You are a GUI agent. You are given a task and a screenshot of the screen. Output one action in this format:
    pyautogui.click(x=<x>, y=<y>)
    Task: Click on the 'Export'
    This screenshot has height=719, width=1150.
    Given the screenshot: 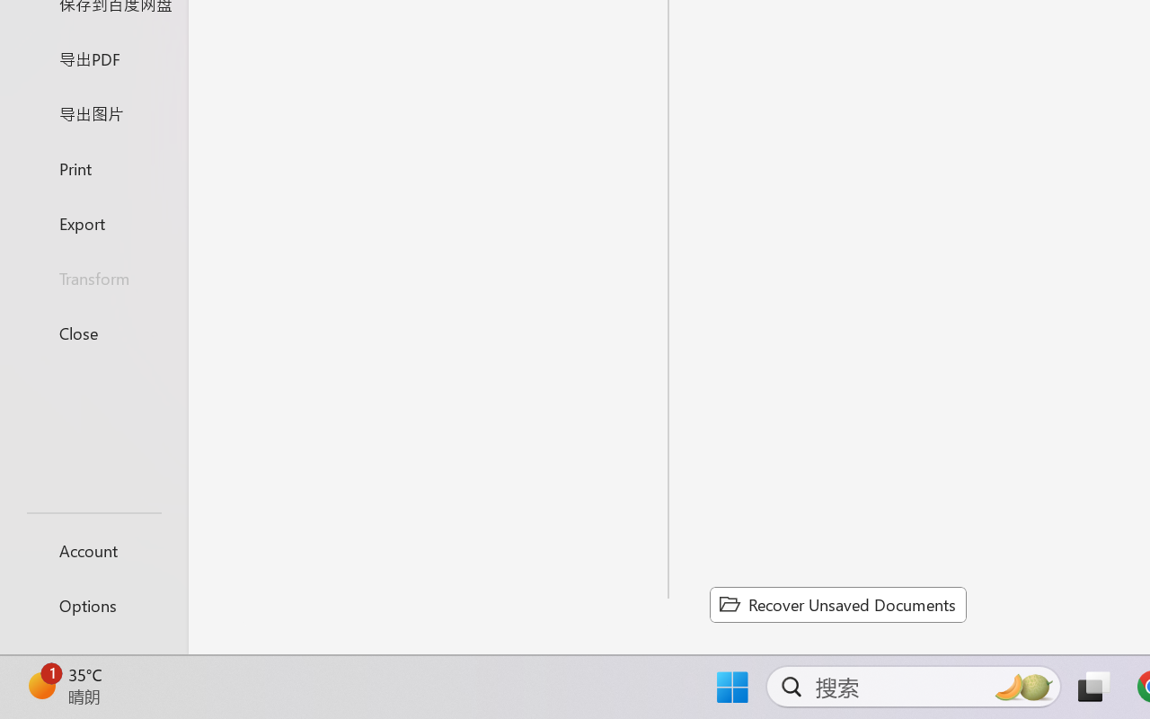 What is the action you would take?
    pyautogui.click(x=93, y=222)
    